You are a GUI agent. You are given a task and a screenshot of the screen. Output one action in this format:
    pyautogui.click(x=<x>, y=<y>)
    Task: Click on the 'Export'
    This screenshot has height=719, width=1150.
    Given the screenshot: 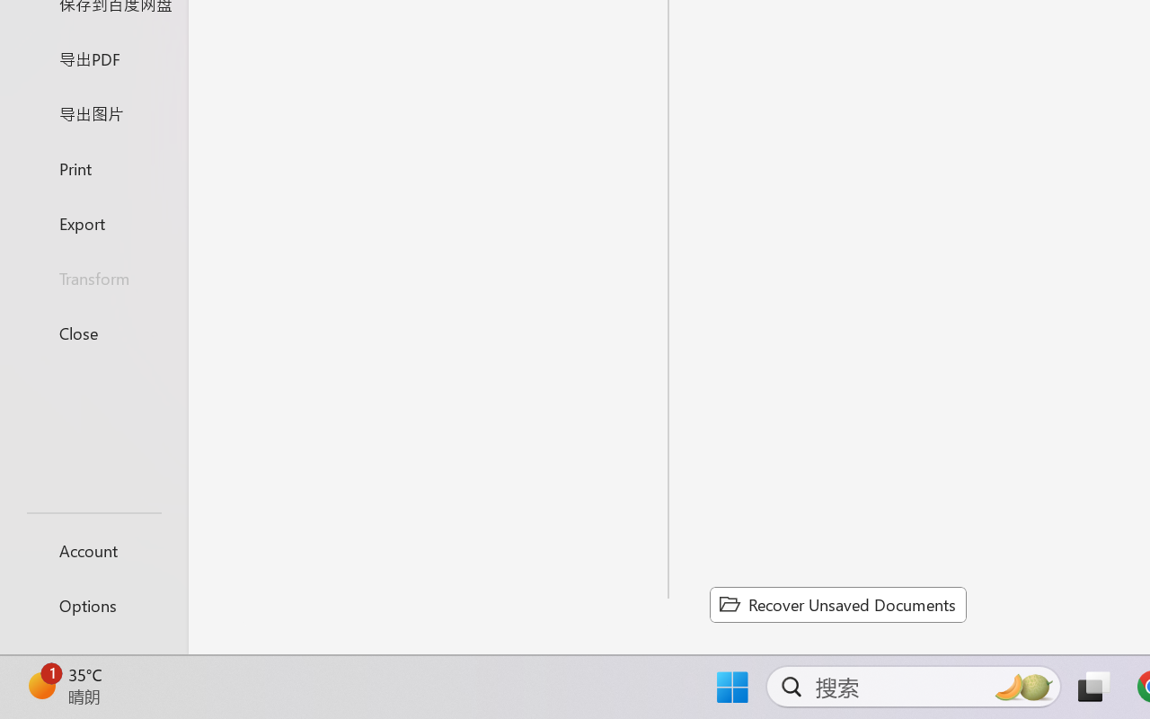 What is the action you would take?
    pyautogui.click(x=93, y=222)
    